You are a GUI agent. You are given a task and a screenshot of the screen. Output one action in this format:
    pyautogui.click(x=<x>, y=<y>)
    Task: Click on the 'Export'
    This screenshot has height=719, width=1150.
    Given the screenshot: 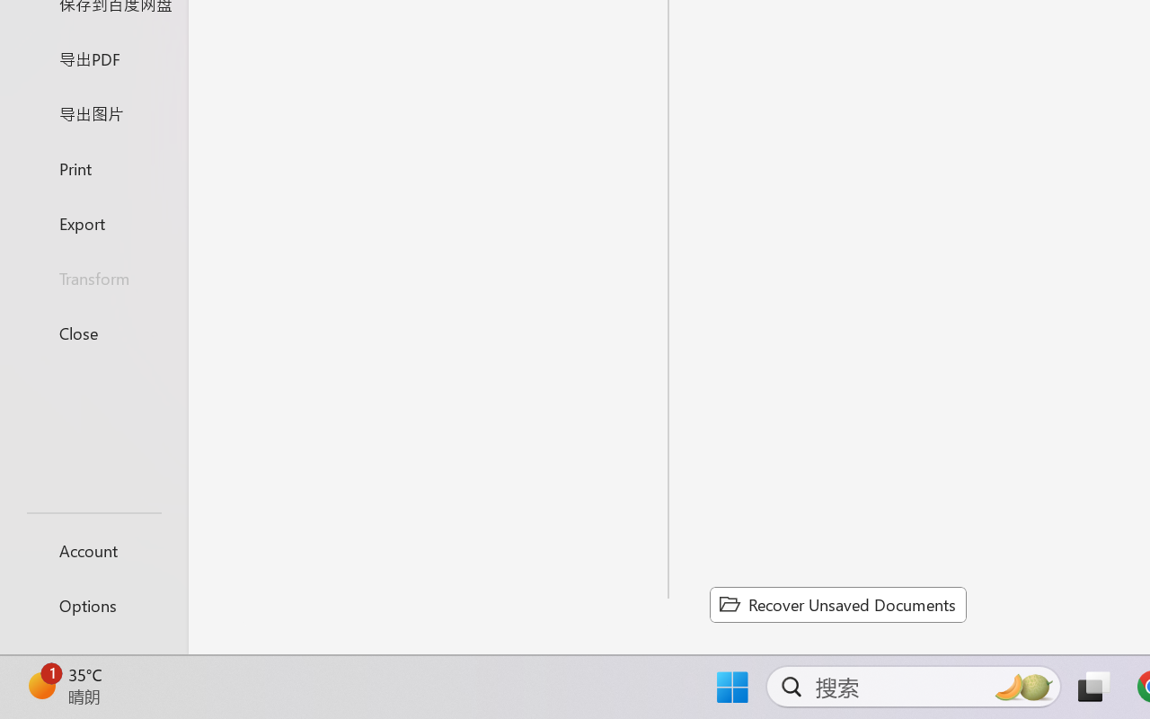 What is the action you would take?
    pyautogui.click(x=93, y=222)
    